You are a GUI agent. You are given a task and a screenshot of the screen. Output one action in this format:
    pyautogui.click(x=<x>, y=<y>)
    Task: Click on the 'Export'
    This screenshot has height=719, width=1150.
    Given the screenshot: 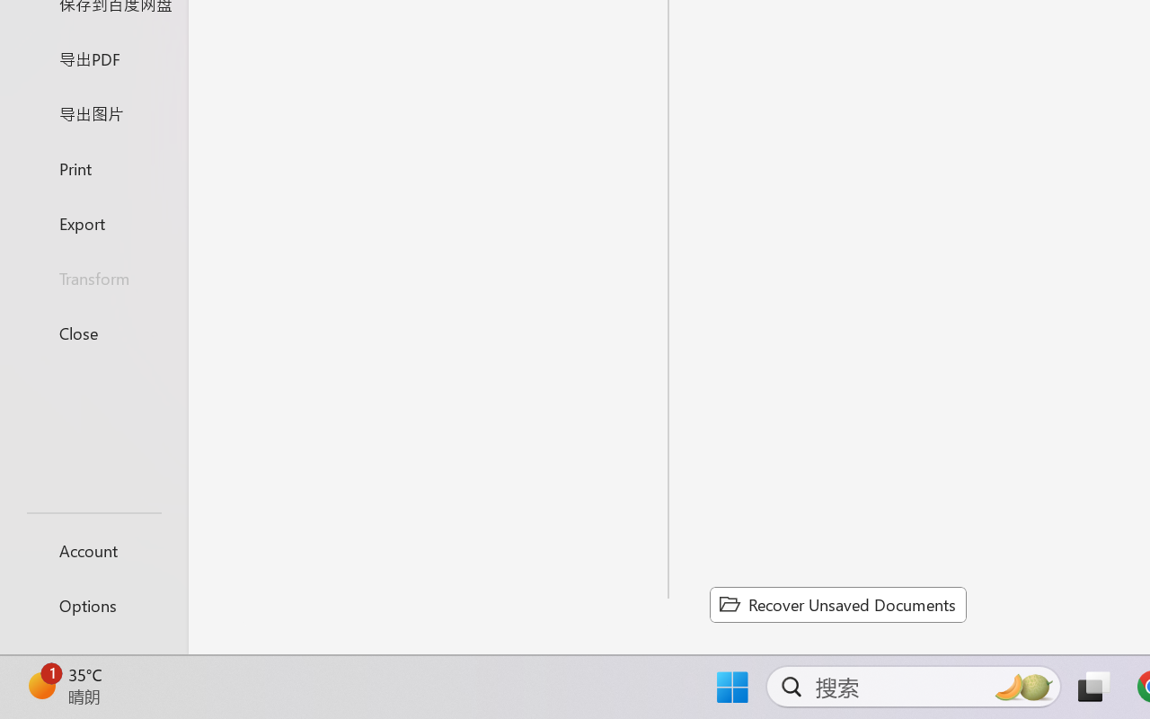 What is the action you would take?
    pyautogui.click(x=93, y=222)
    